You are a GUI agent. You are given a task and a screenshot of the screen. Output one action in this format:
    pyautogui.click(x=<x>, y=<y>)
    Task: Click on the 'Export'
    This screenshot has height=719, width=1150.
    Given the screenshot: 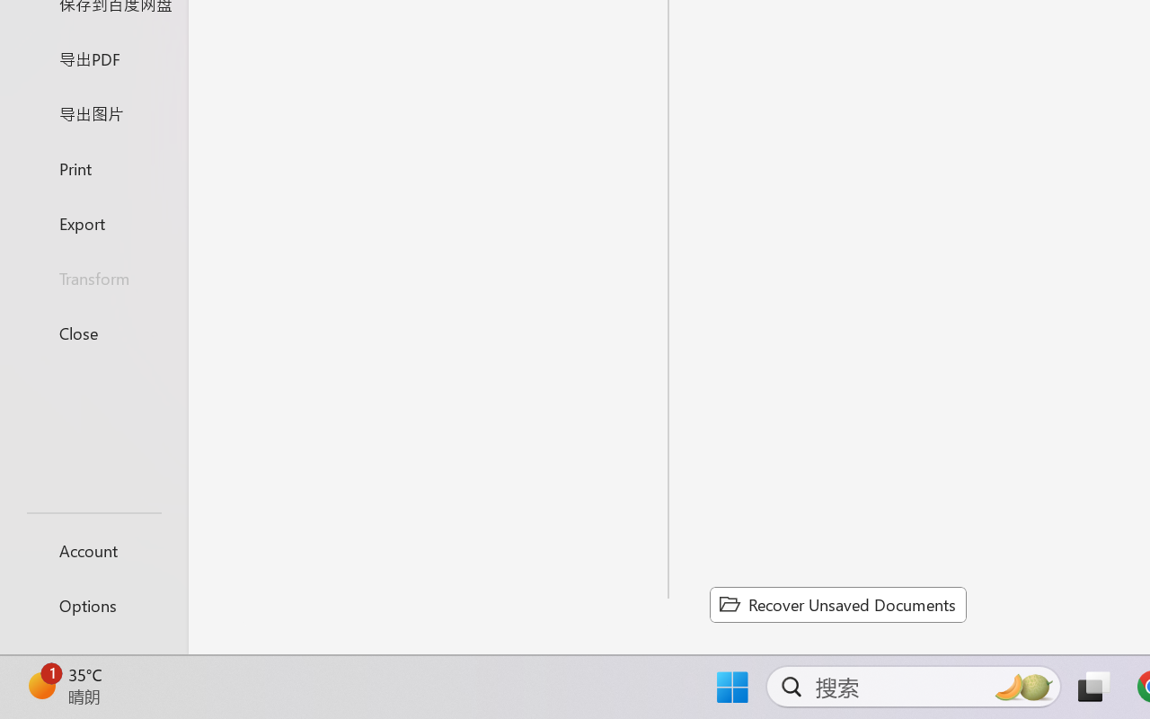 What is the action you would take?
    pyautogui.click(x=93, y=222)
    